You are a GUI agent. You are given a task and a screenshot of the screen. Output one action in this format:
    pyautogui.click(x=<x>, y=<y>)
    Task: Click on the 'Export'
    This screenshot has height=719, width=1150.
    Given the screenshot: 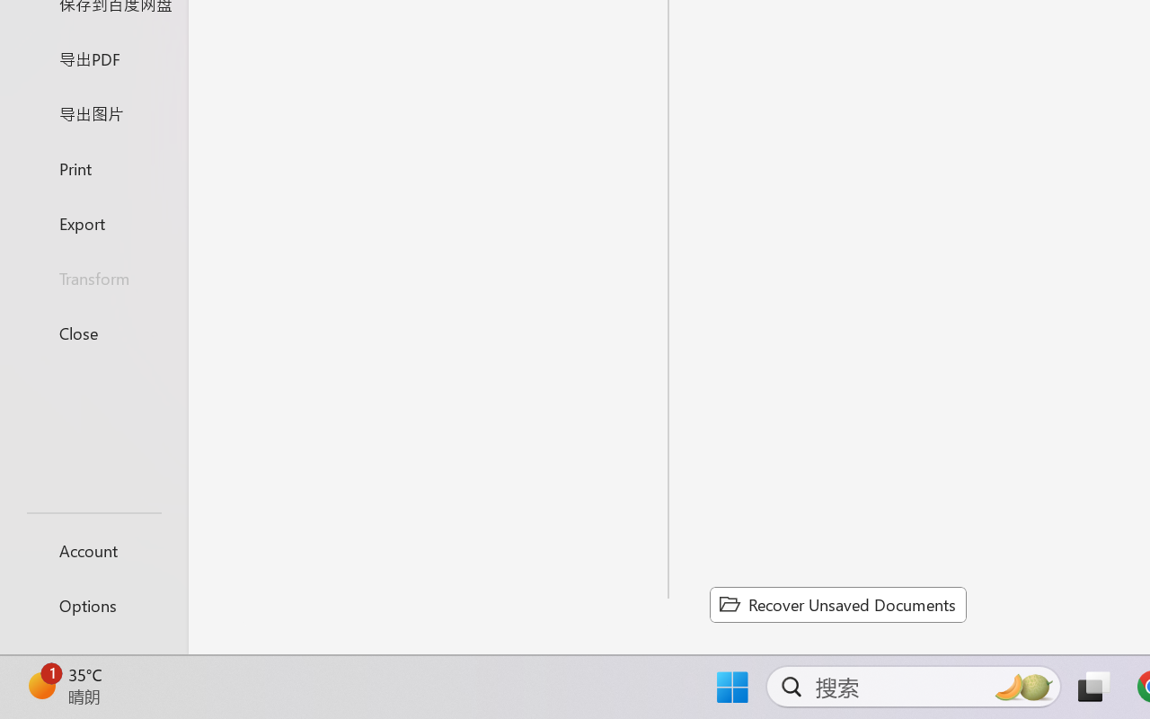 What is the action you would take?
    pyautogui.click(x=93, y=222)
    